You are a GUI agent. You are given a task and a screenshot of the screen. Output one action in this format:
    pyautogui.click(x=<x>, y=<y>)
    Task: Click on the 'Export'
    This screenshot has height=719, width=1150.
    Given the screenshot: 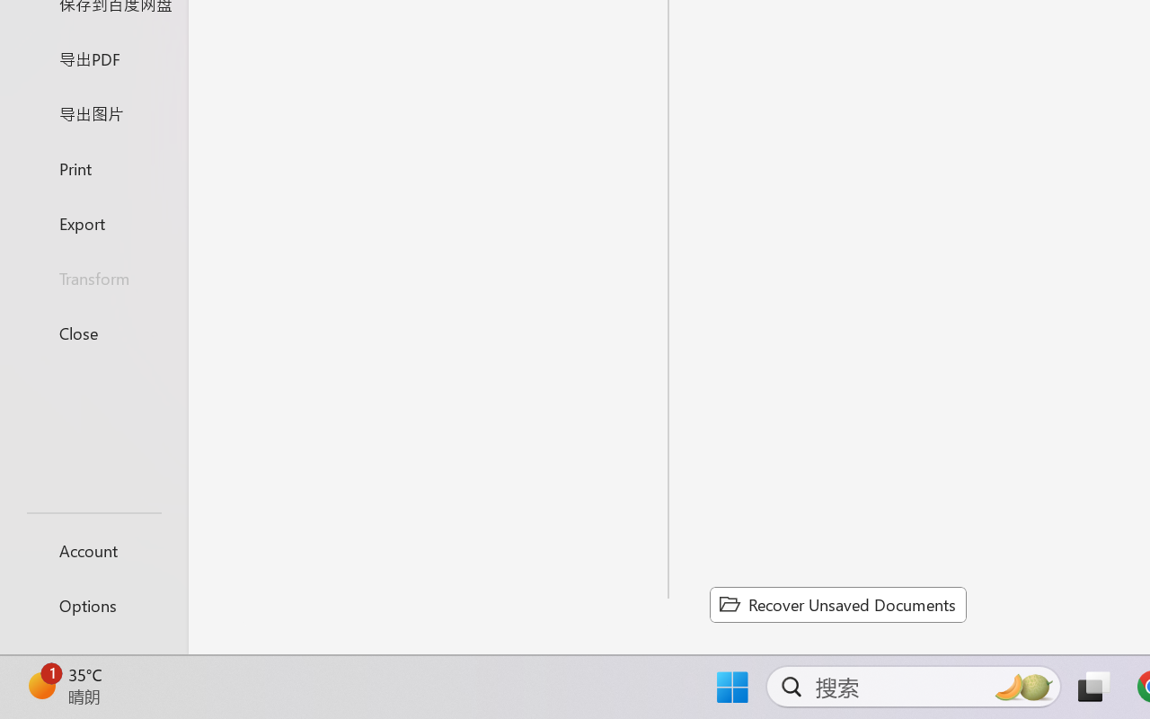 What is the action you would take?
    pyautogui.click(x=93, y=222)
    